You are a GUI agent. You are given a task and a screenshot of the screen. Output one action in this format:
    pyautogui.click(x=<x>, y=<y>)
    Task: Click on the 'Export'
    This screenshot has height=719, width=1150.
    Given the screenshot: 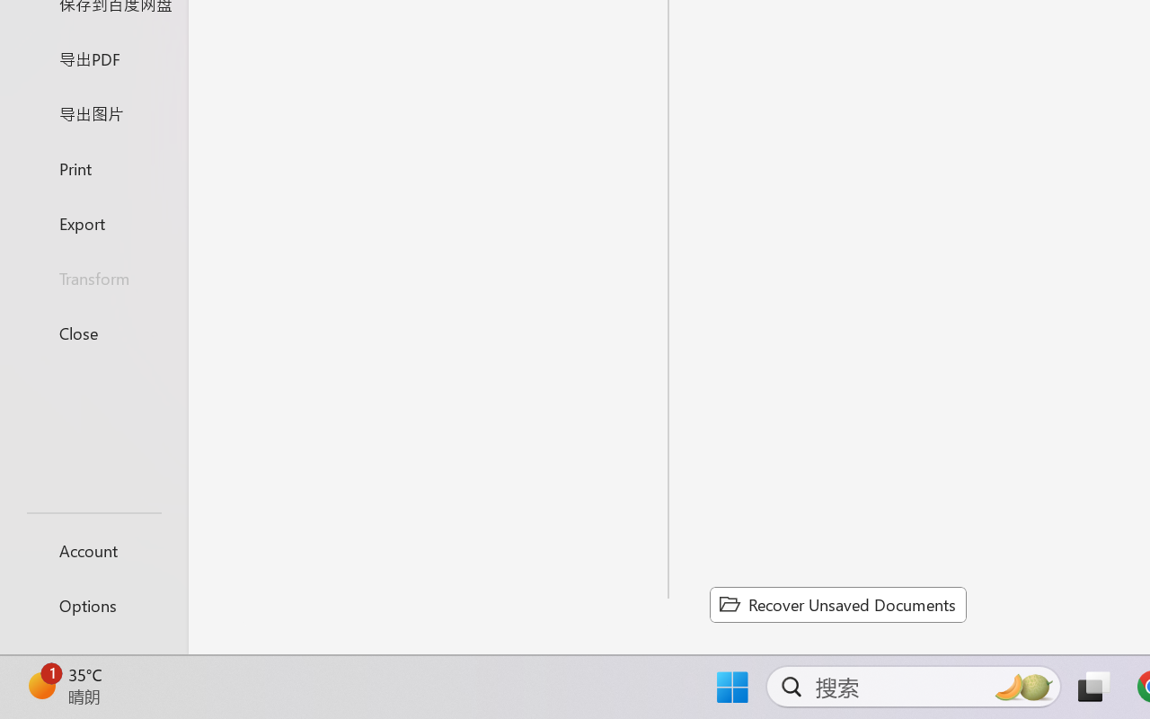 What is the action you would take?
    pyautogui.click(x=93, y=222)
    